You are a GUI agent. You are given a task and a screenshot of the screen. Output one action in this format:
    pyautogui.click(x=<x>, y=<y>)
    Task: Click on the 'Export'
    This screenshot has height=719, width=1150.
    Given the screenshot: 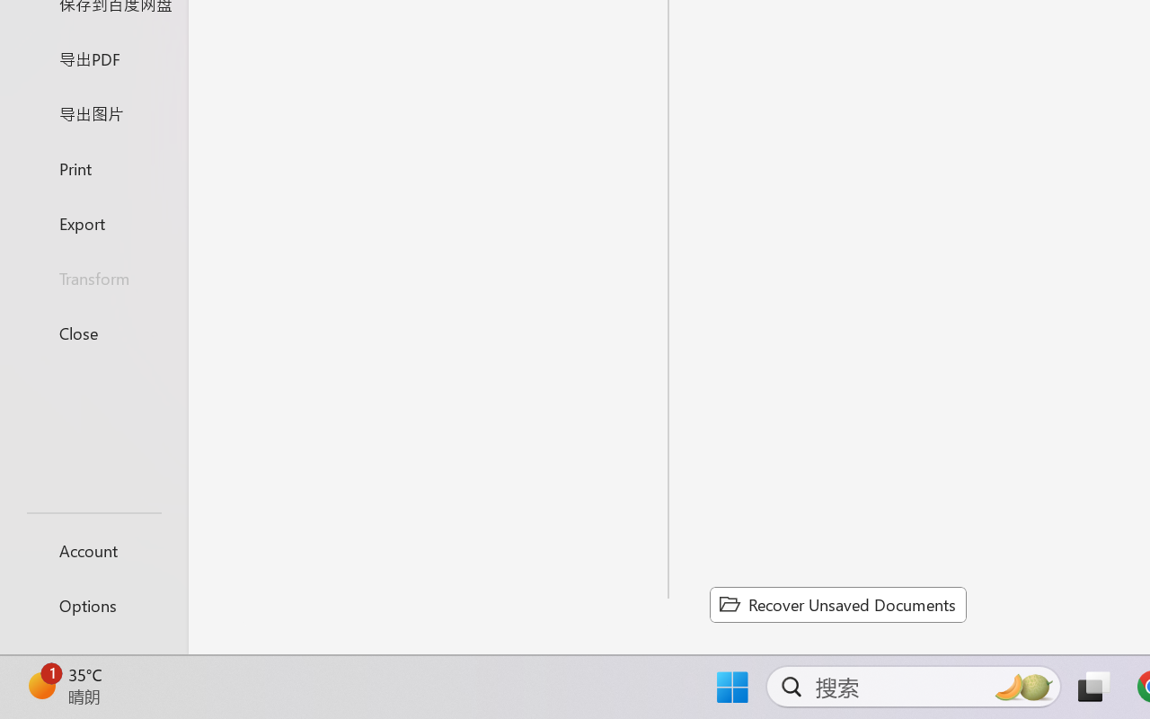 What is the action you would take?
    pyautogui.click(x=93, y=222)
    